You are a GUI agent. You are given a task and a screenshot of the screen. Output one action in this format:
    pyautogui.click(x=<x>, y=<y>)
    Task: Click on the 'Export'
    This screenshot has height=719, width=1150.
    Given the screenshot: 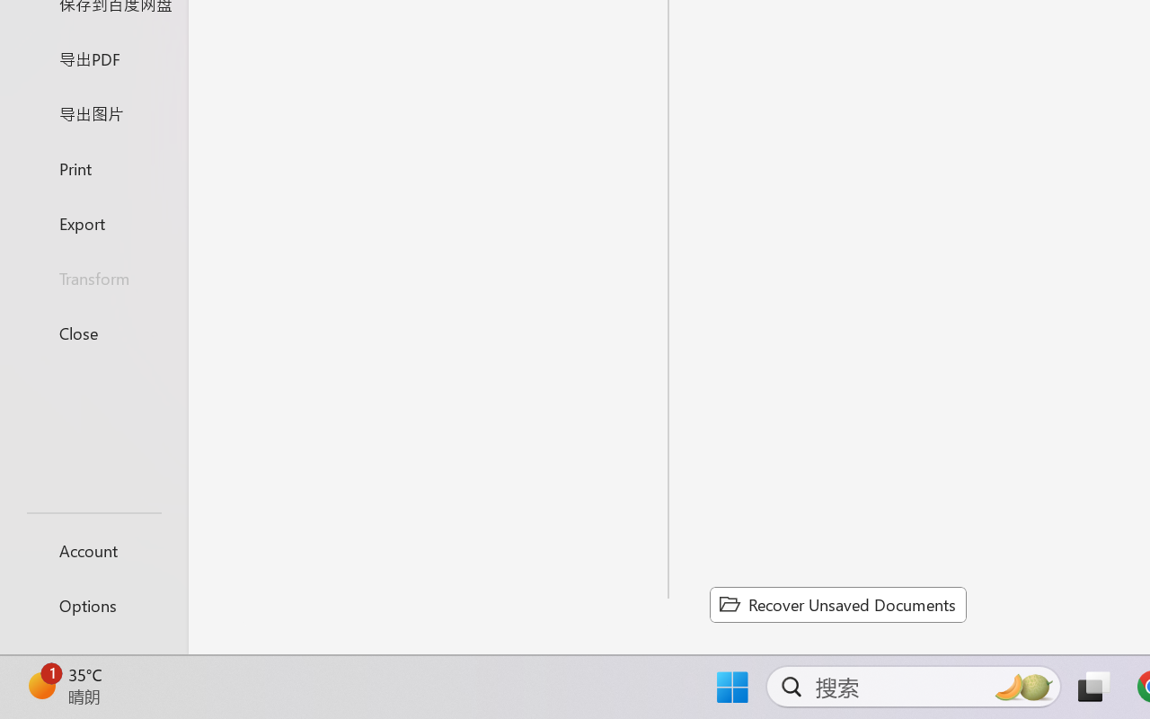 What is the action you would take?
    pyautogui.click(x=93, y=222)
    